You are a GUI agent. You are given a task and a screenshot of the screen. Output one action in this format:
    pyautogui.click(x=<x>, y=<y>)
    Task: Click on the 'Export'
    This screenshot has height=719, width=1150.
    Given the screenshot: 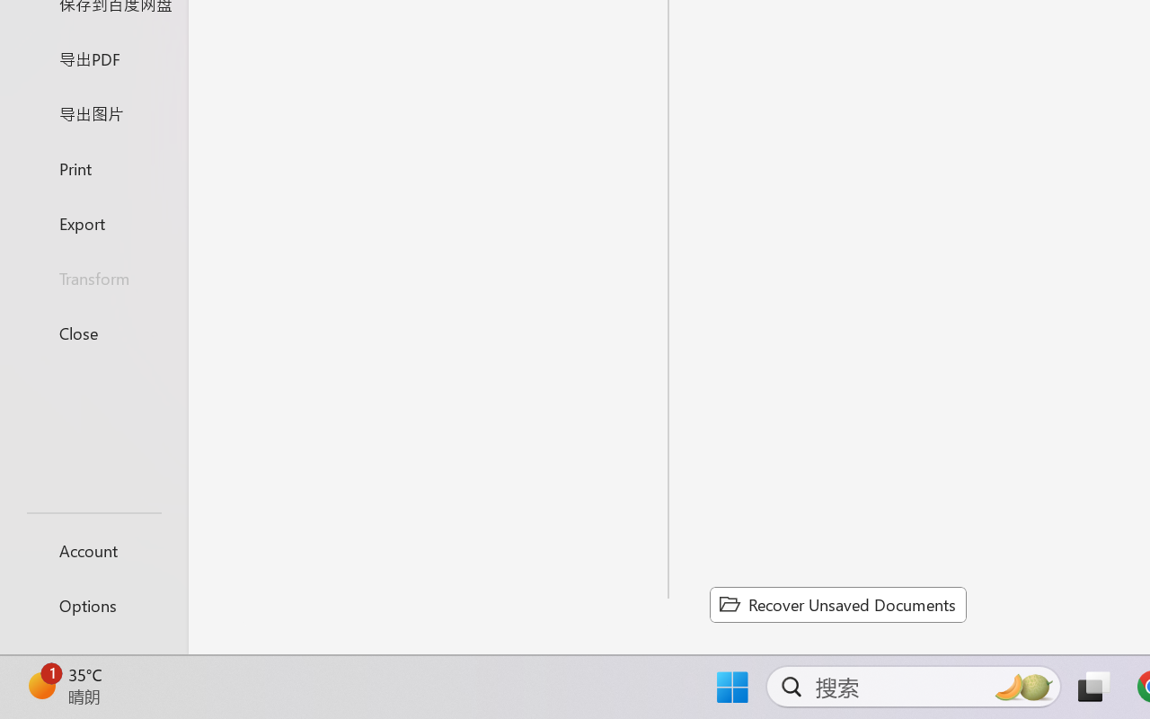 What is the action you would take?
    pyautogui.click(x=93, y=222)
    